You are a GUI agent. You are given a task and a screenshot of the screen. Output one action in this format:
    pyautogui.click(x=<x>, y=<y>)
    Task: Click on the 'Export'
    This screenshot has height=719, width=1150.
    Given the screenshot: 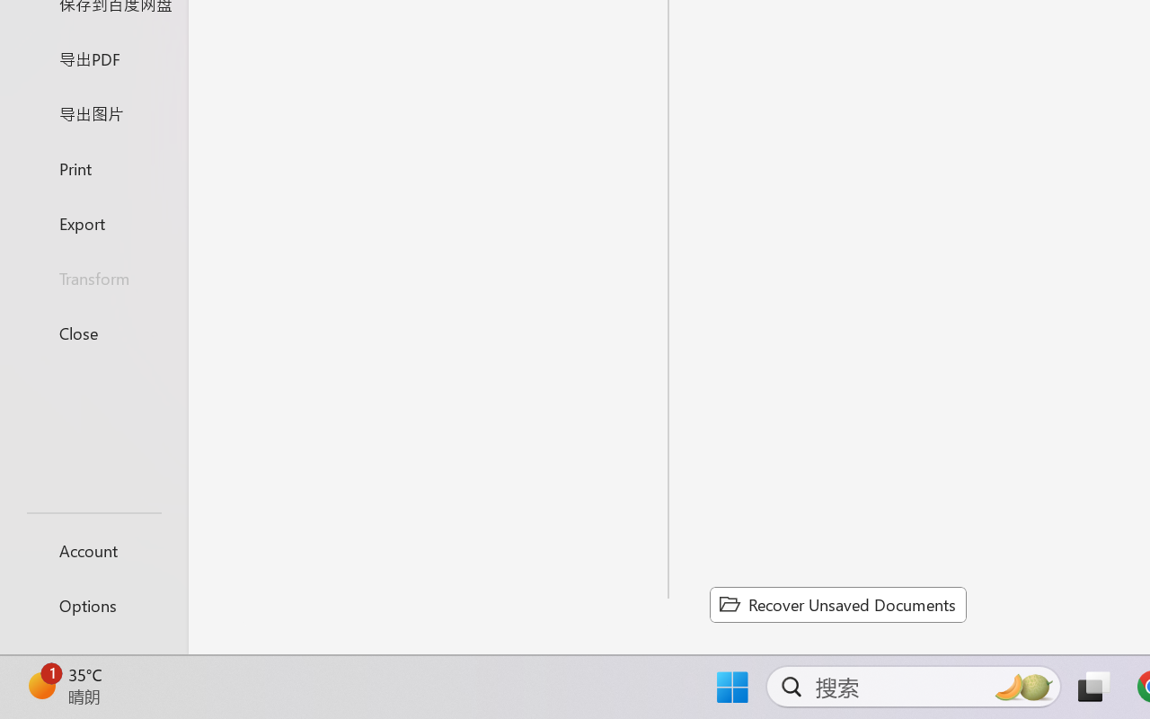 What is the action you would take?
    pyautogui.click(x=93, y=222)
    